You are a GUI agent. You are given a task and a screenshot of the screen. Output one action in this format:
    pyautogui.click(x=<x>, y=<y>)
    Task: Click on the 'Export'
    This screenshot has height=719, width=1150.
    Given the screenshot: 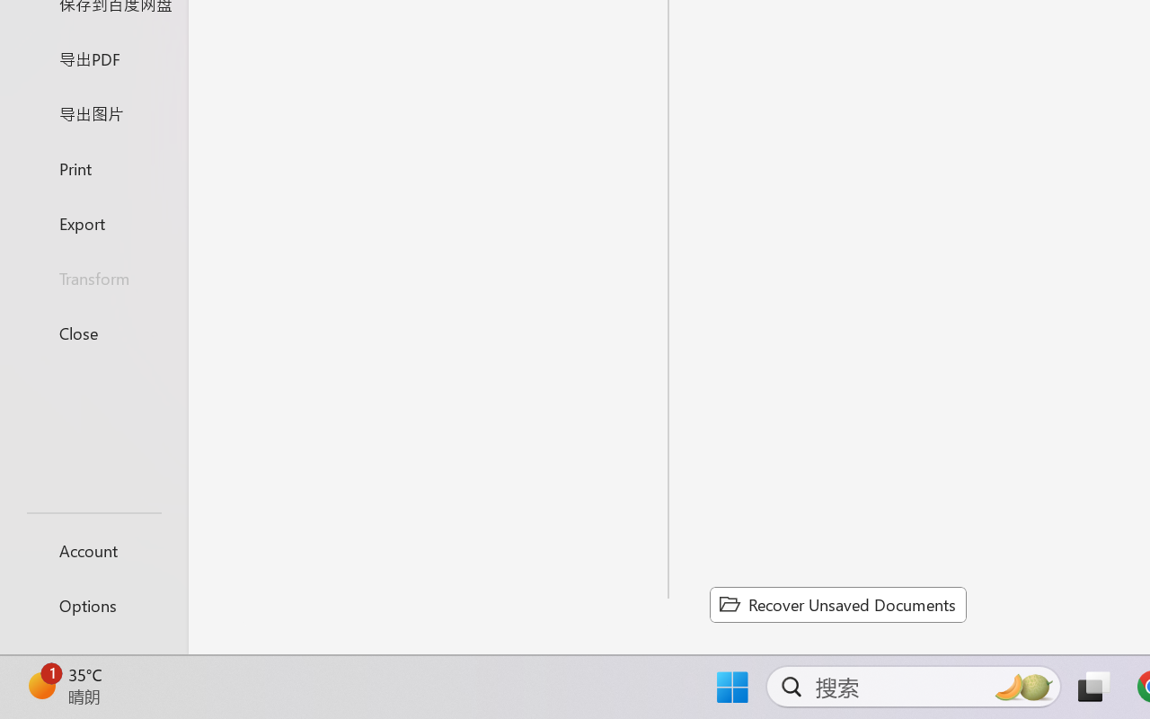 What is the action you would take?
    pyautogui.click(x=93, y=222)
    